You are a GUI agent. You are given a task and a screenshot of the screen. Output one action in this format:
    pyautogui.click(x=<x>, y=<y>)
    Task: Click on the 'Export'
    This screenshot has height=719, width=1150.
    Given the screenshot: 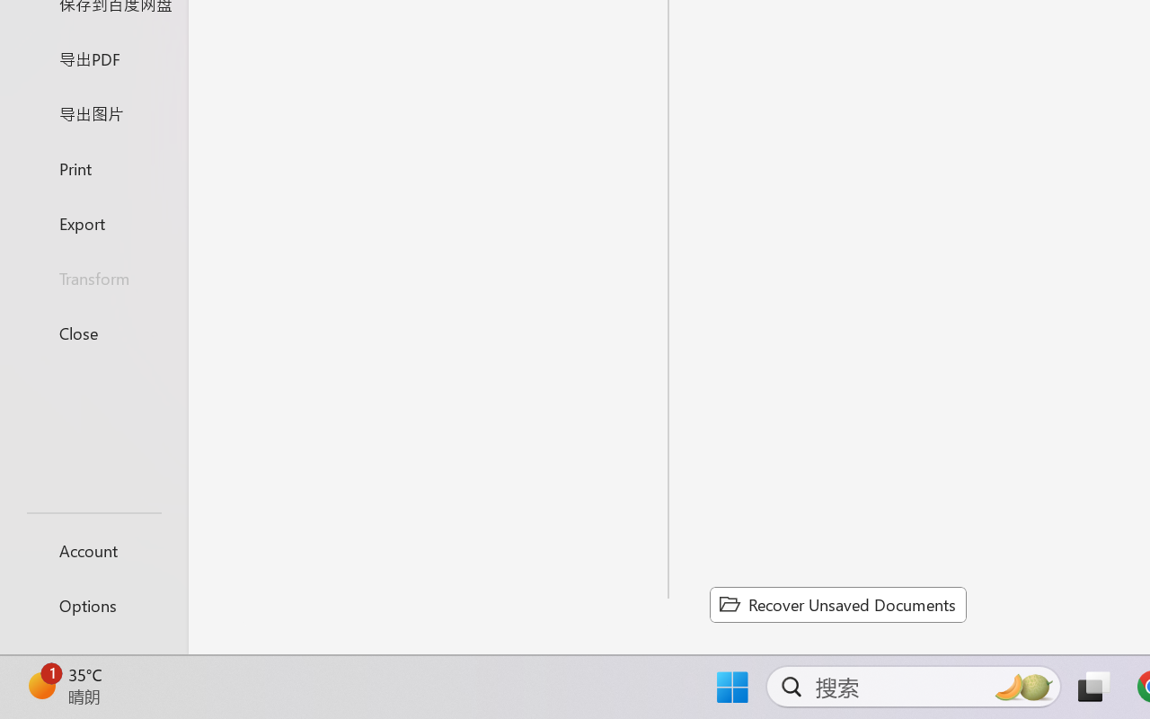 What is the action you would take?
    pyautogui.click(x=93, y=222)
    